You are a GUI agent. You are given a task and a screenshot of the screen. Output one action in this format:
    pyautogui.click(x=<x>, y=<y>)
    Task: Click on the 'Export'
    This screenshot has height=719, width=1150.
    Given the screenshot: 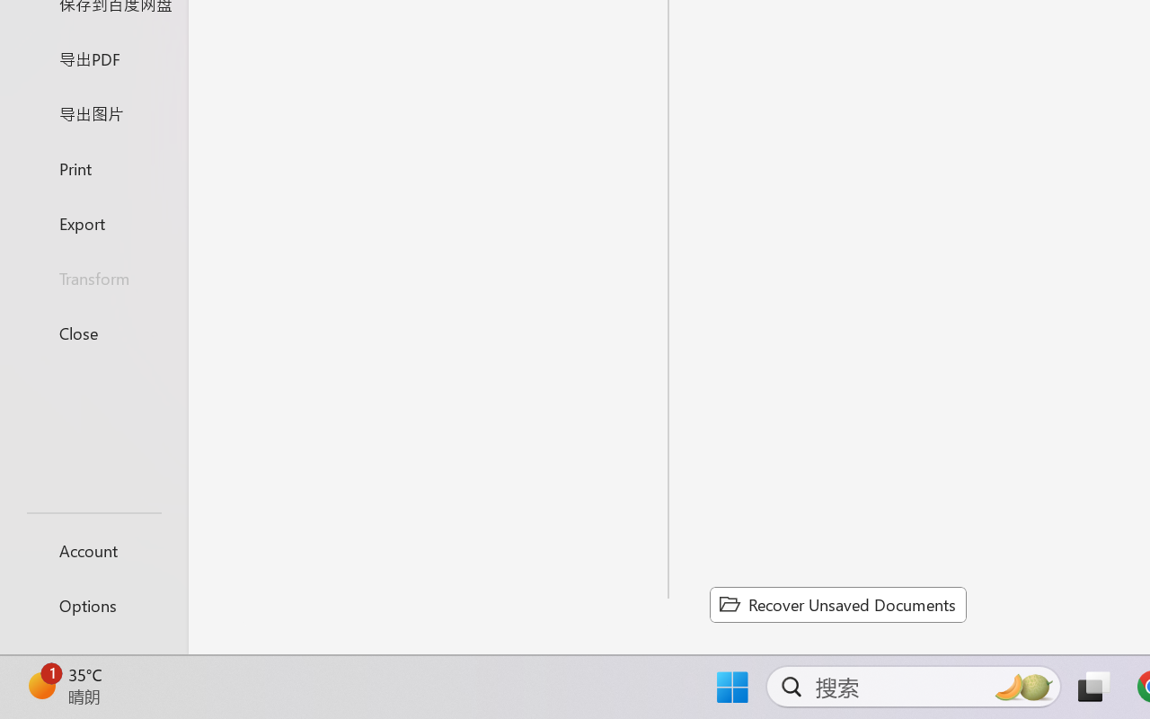 What is the action you would take?
    pyautogui.click(x=93, y=222)
    